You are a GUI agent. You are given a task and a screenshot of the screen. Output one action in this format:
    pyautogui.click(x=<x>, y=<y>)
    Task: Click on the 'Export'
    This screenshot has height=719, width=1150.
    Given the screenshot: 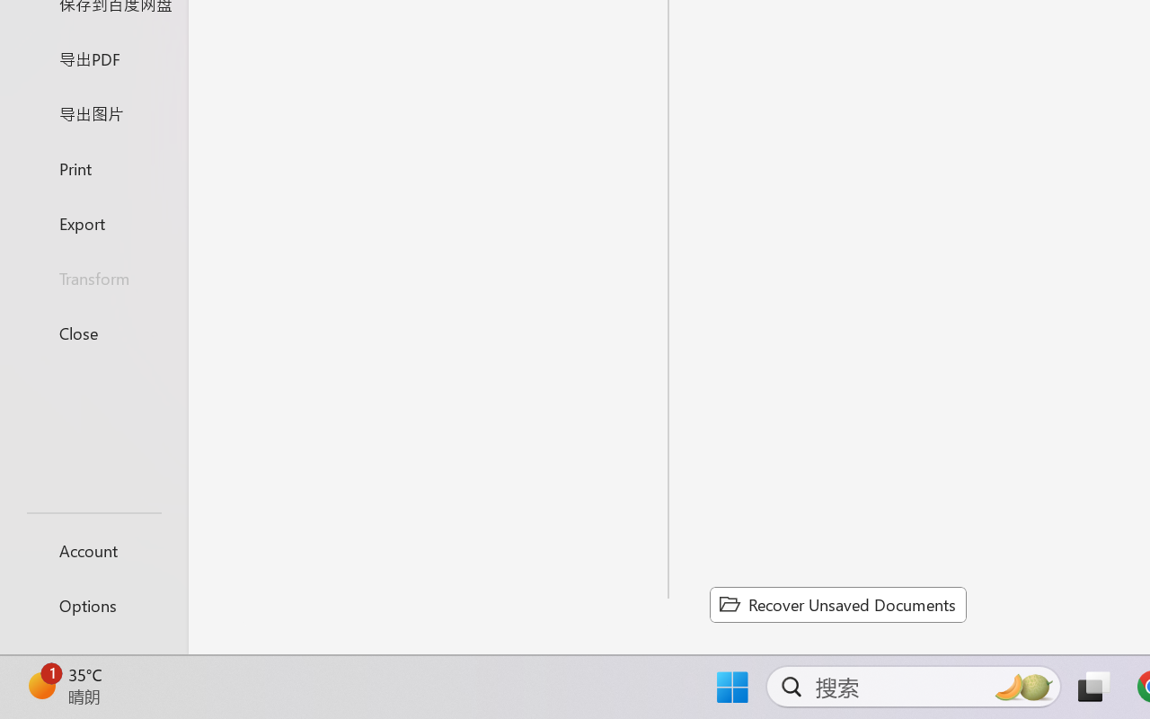 What is the action you would take?
    pyautogui.click(x=93, y=222)
    